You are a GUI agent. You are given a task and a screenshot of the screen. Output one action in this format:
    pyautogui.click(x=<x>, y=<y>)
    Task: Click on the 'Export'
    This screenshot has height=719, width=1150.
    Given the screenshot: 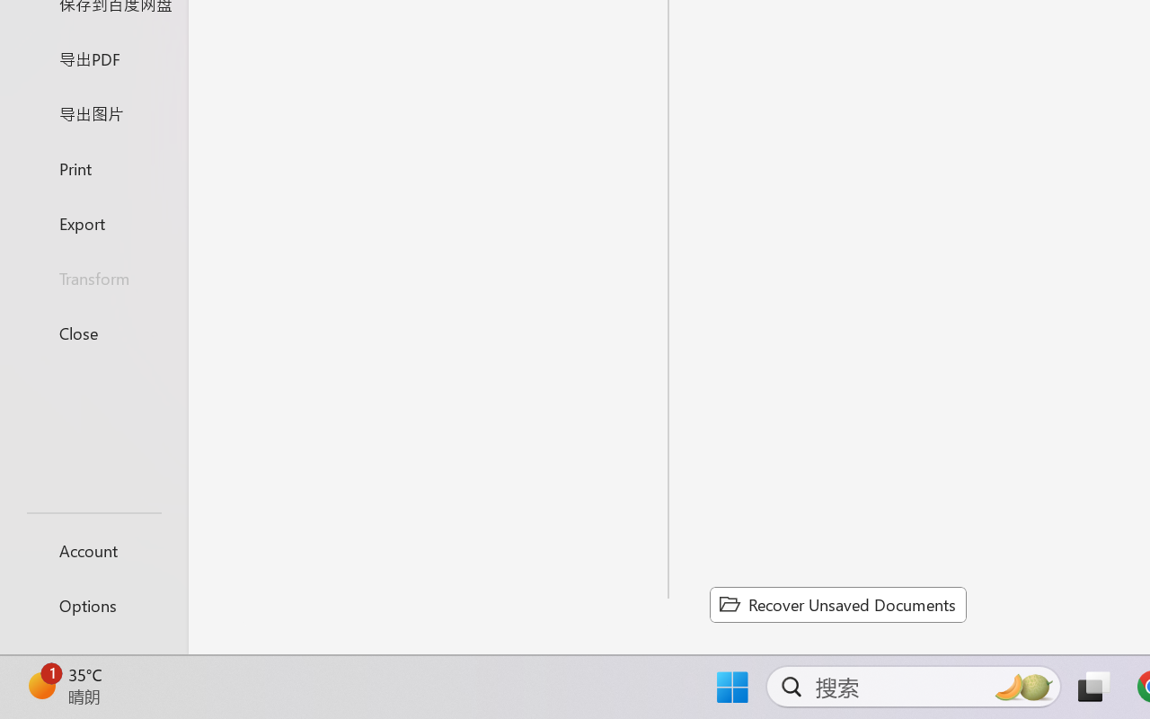 What is the action you would take?
    pyautogui.click(x=93, y=222)
    